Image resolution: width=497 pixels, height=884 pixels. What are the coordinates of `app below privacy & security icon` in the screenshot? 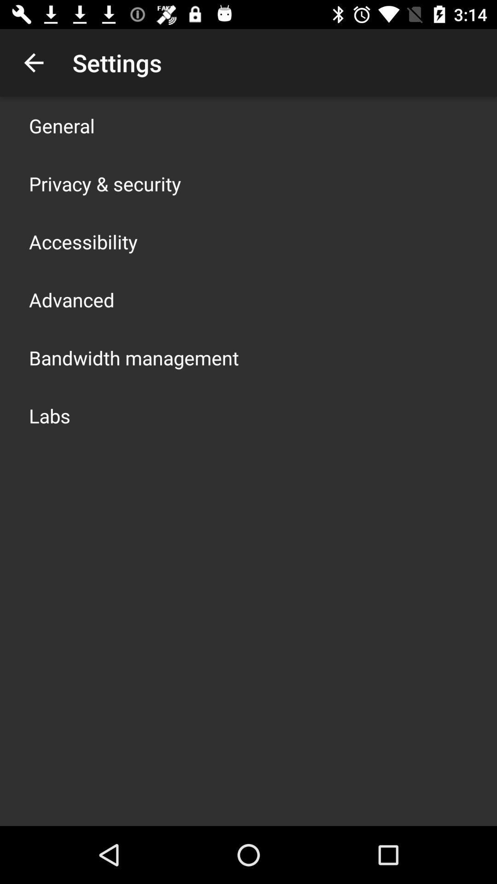 It's located at (83, 241).